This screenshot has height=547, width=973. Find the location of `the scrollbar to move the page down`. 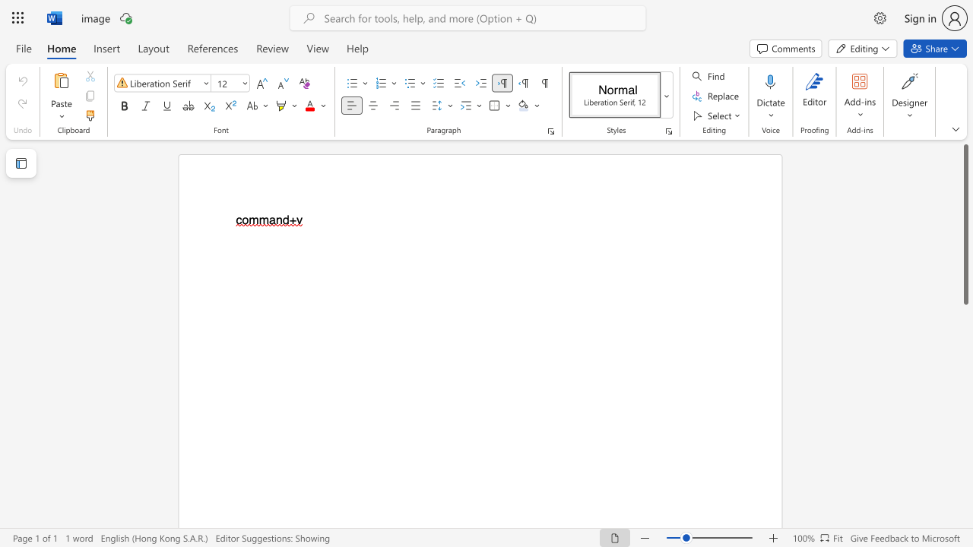

the scrollbar to move the page down is located at coordinates (965, 462).